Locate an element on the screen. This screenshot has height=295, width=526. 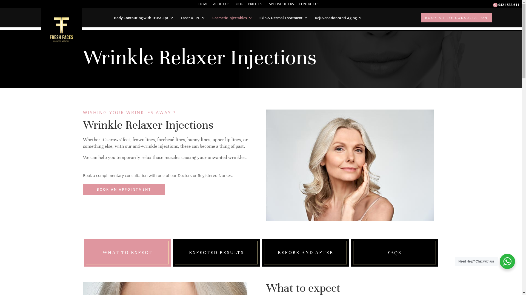
'HOME' is located at coordinates (203, 5).